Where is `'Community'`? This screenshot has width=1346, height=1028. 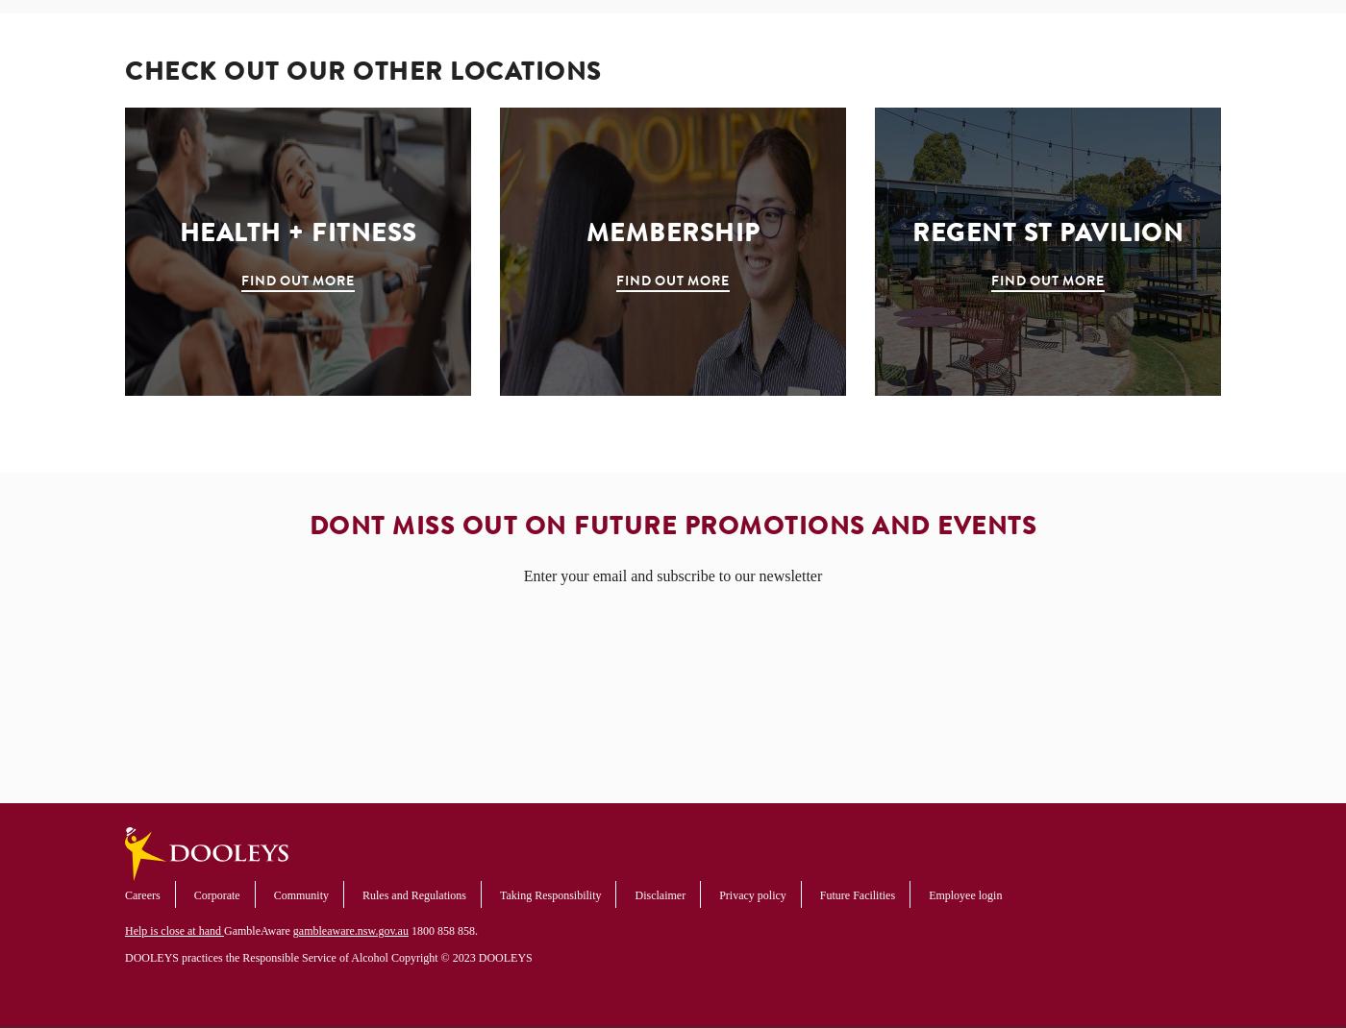
'Community' is located at coordinates (300, 893).